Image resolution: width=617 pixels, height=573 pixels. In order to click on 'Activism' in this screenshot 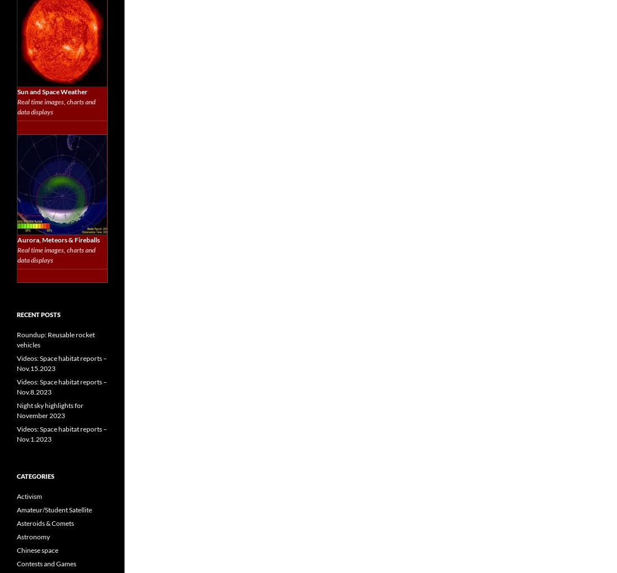, I will do `click(29, 496)`.